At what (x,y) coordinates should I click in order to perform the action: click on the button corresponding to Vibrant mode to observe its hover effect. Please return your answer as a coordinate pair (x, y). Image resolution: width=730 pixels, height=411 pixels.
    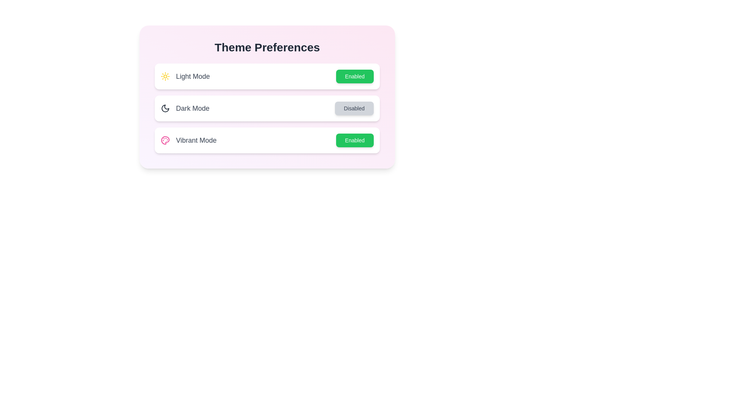
    Looking at the image, I should click on (354, 140).